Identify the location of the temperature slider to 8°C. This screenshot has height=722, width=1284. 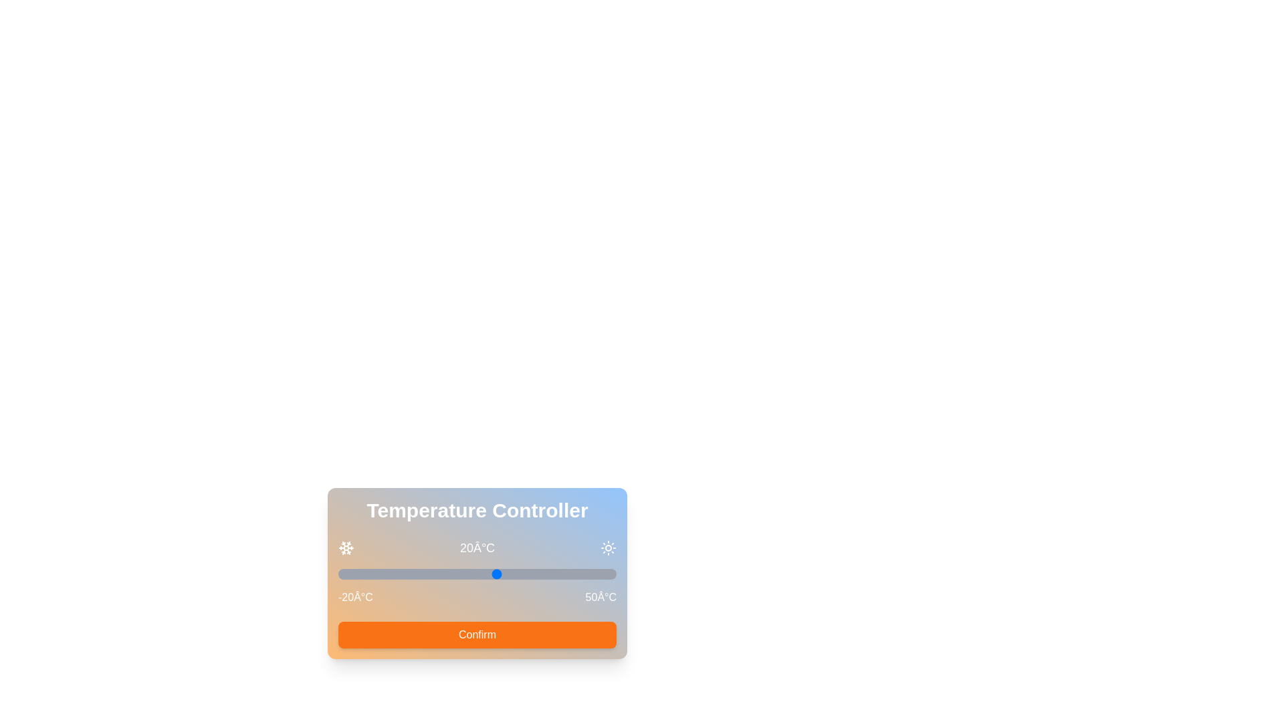
(449, 574).